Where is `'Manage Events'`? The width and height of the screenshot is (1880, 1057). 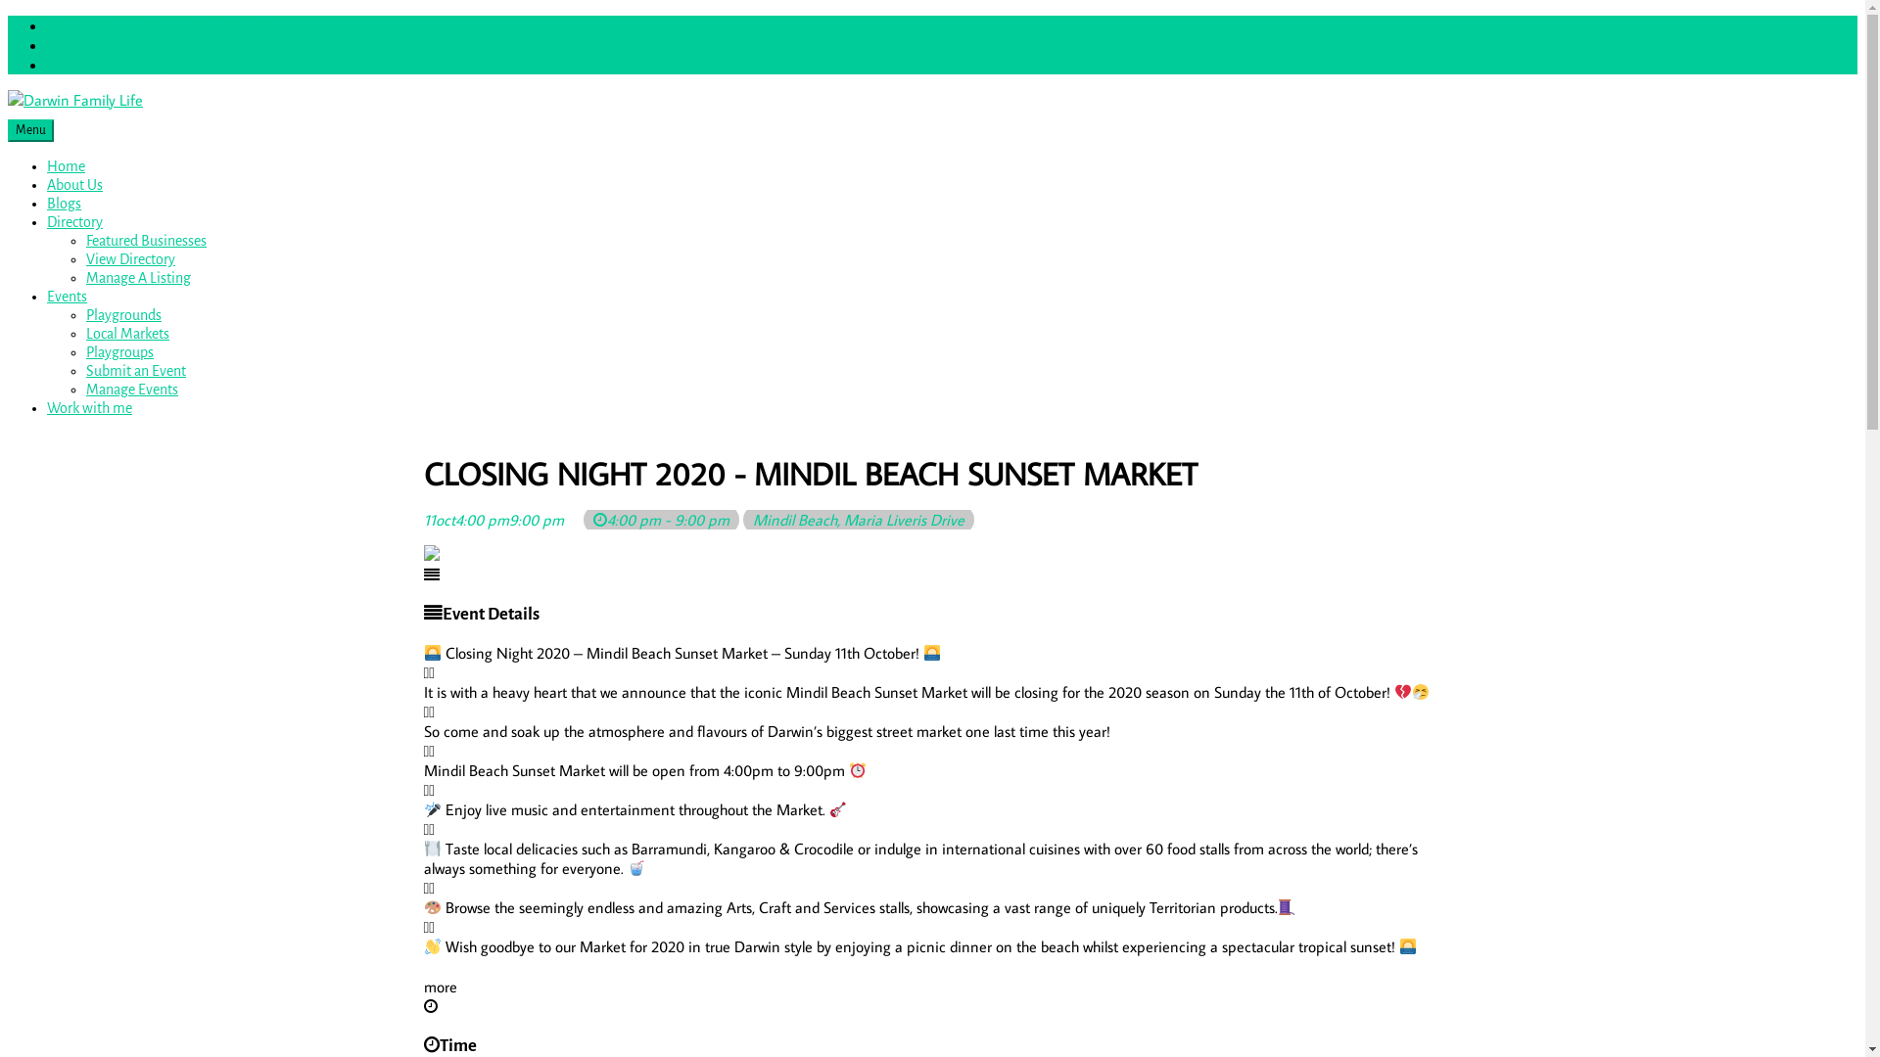 'Manage Events' is located at coordinates (130, 389).